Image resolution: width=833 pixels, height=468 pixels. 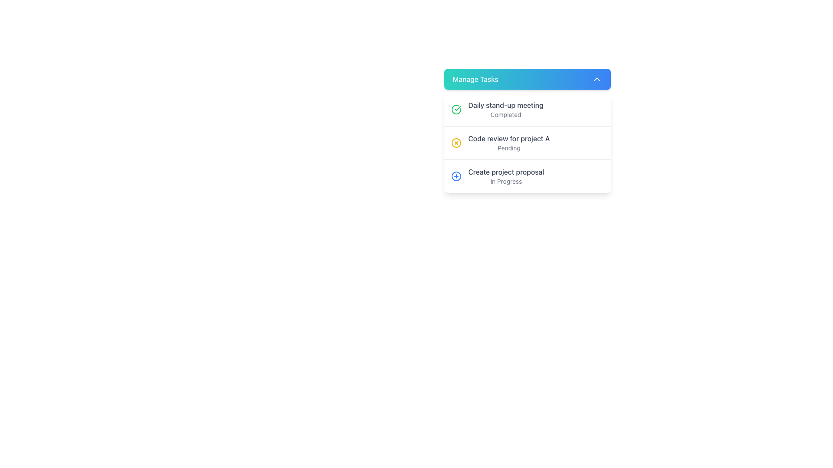 I want to click on the first Task Status Item under the 'Manage Tasks' heading, so click(x=527, y=109).